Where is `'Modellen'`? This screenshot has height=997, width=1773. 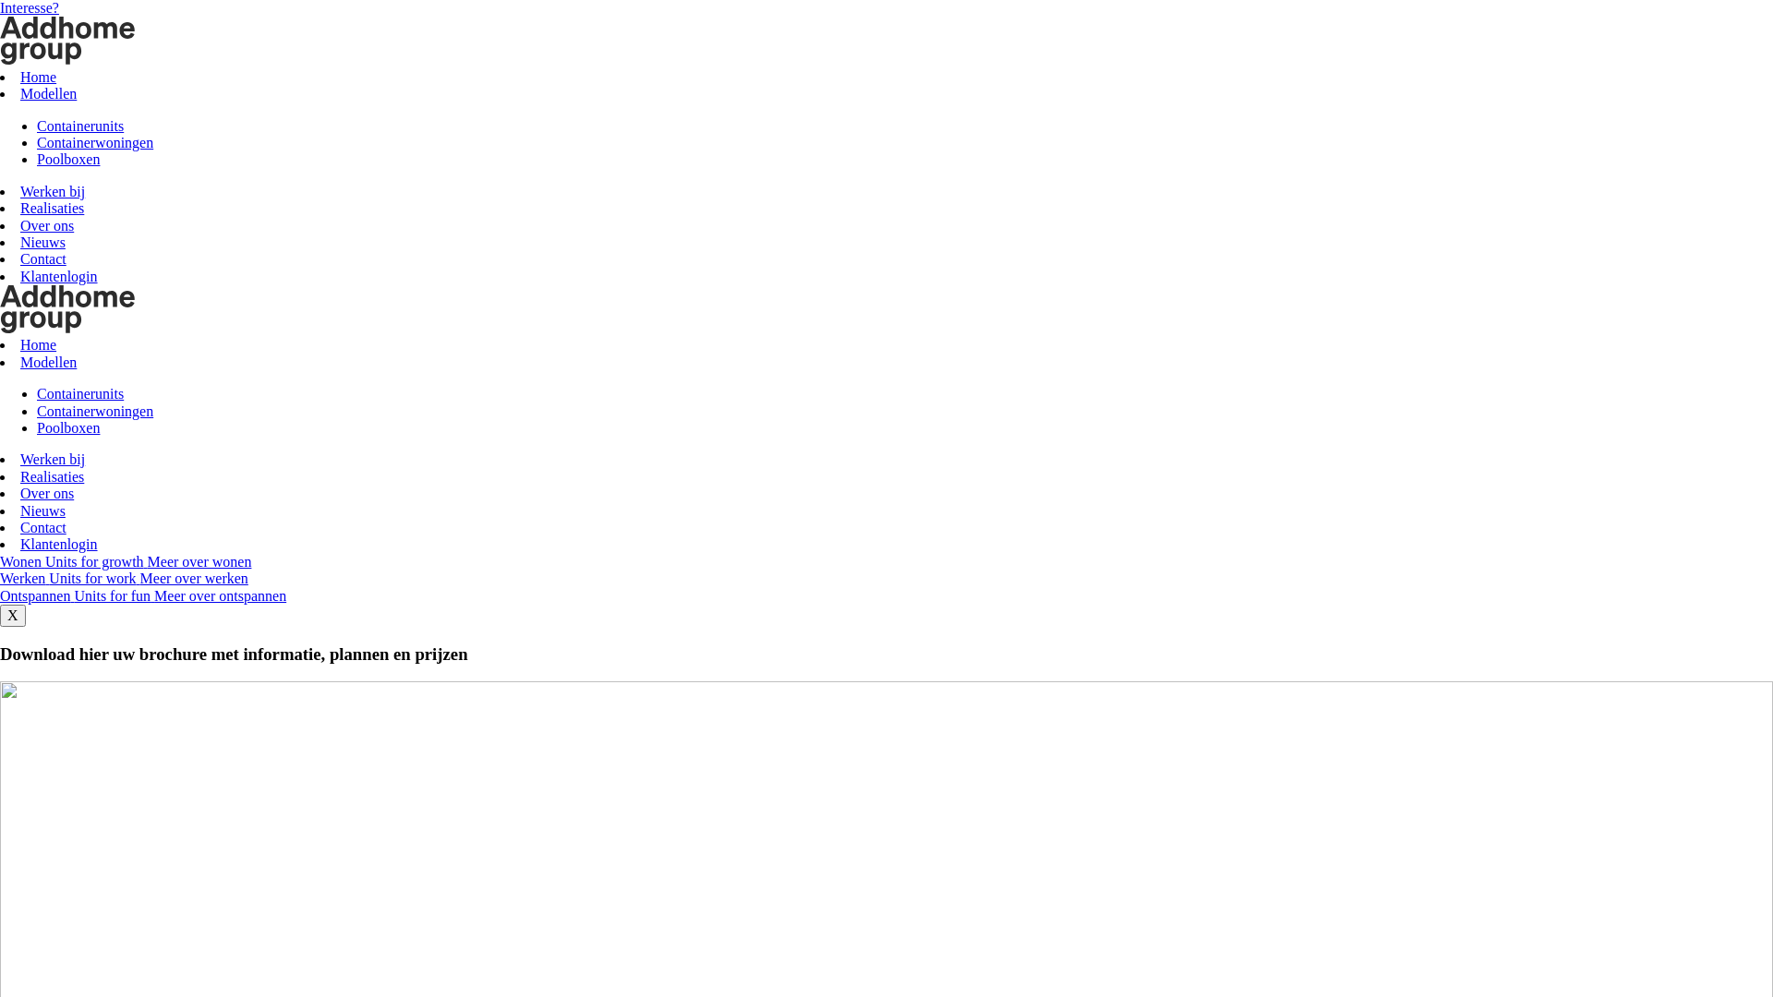
'Modellen' is located at coordinates (48, 93).